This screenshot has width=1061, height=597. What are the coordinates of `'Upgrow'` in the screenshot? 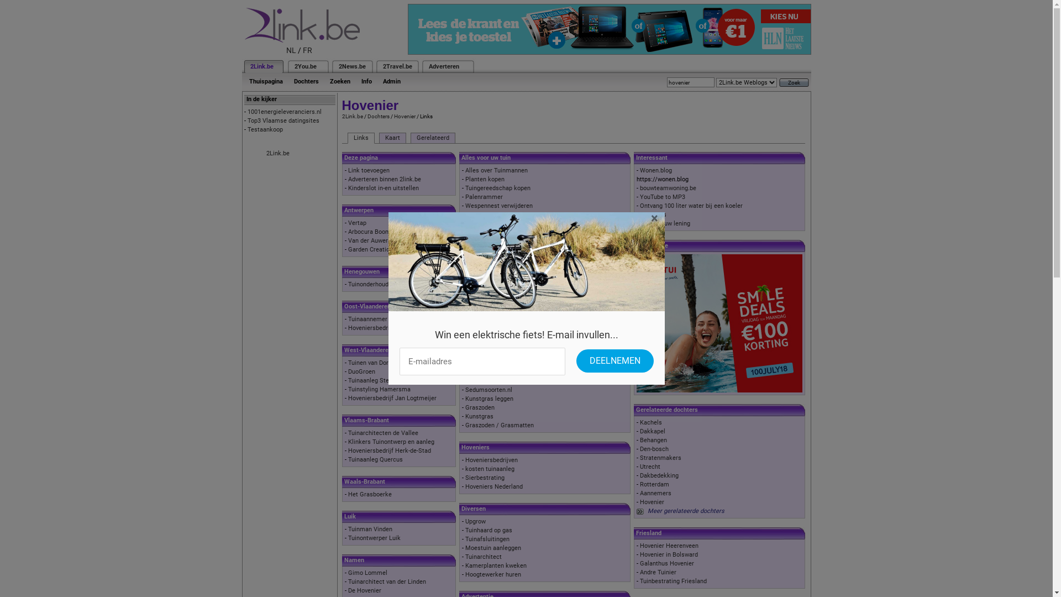 It's located at (475, 521).